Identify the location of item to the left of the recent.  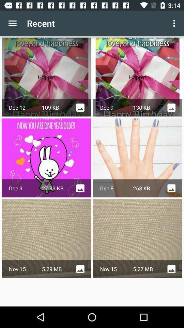
(12, 23).